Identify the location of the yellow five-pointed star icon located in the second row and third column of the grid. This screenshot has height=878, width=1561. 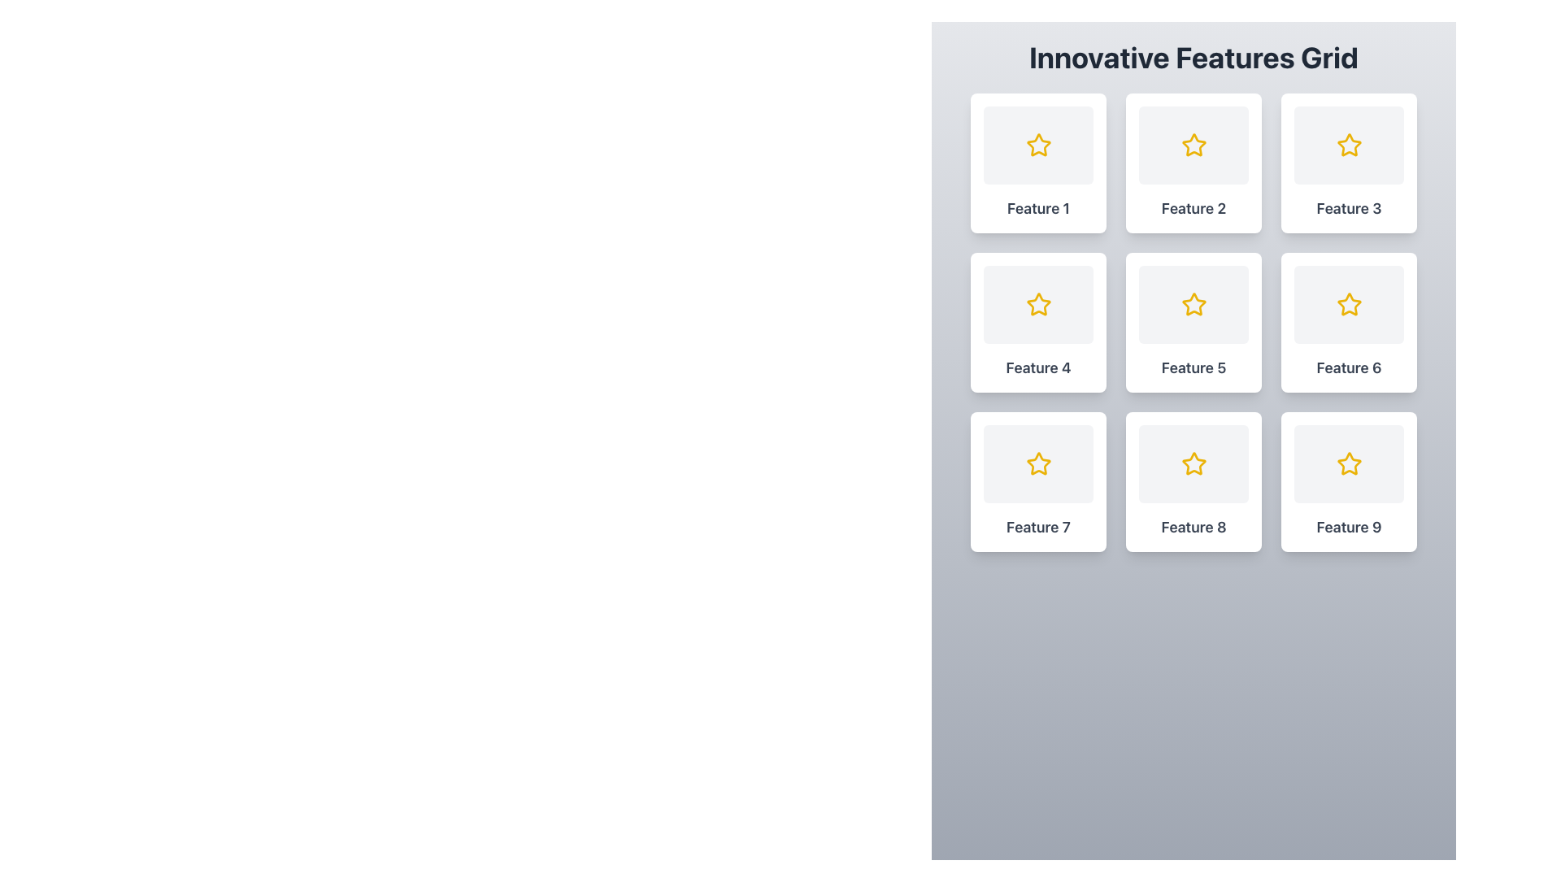
(1349, 304).